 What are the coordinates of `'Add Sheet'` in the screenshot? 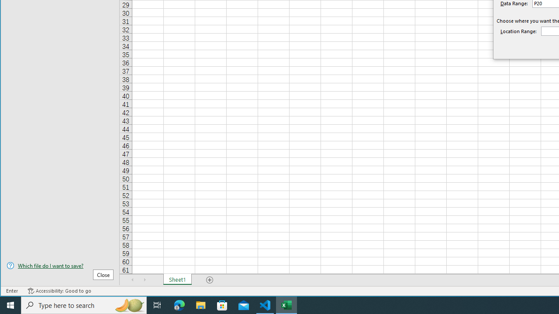 It's located at (210, 280).